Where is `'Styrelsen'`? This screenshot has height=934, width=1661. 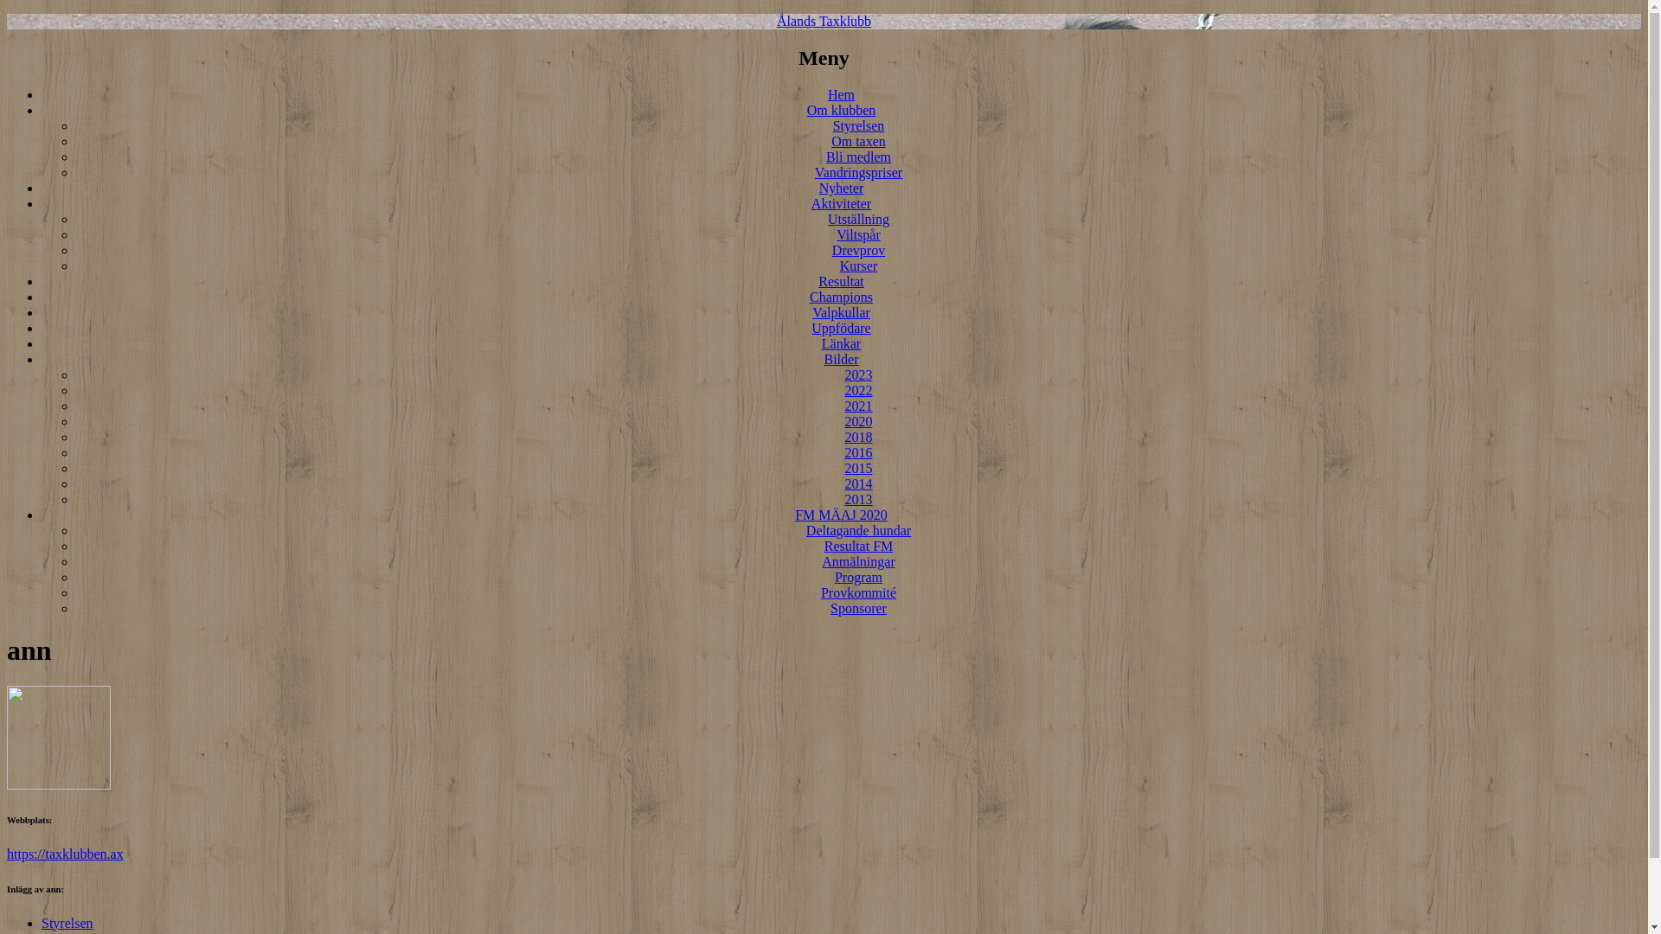
'Styrelsen' is located at coordinates (833, 125).